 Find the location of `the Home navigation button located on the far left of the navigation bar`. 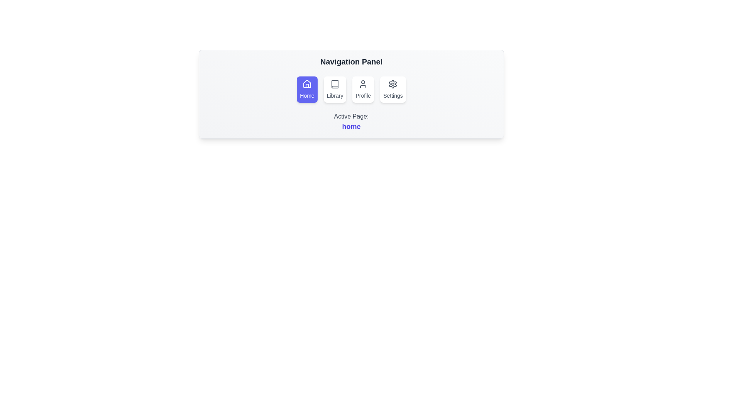

the Home navigation button located on the far left of the navigation bar is located at coordinates (307, 89).